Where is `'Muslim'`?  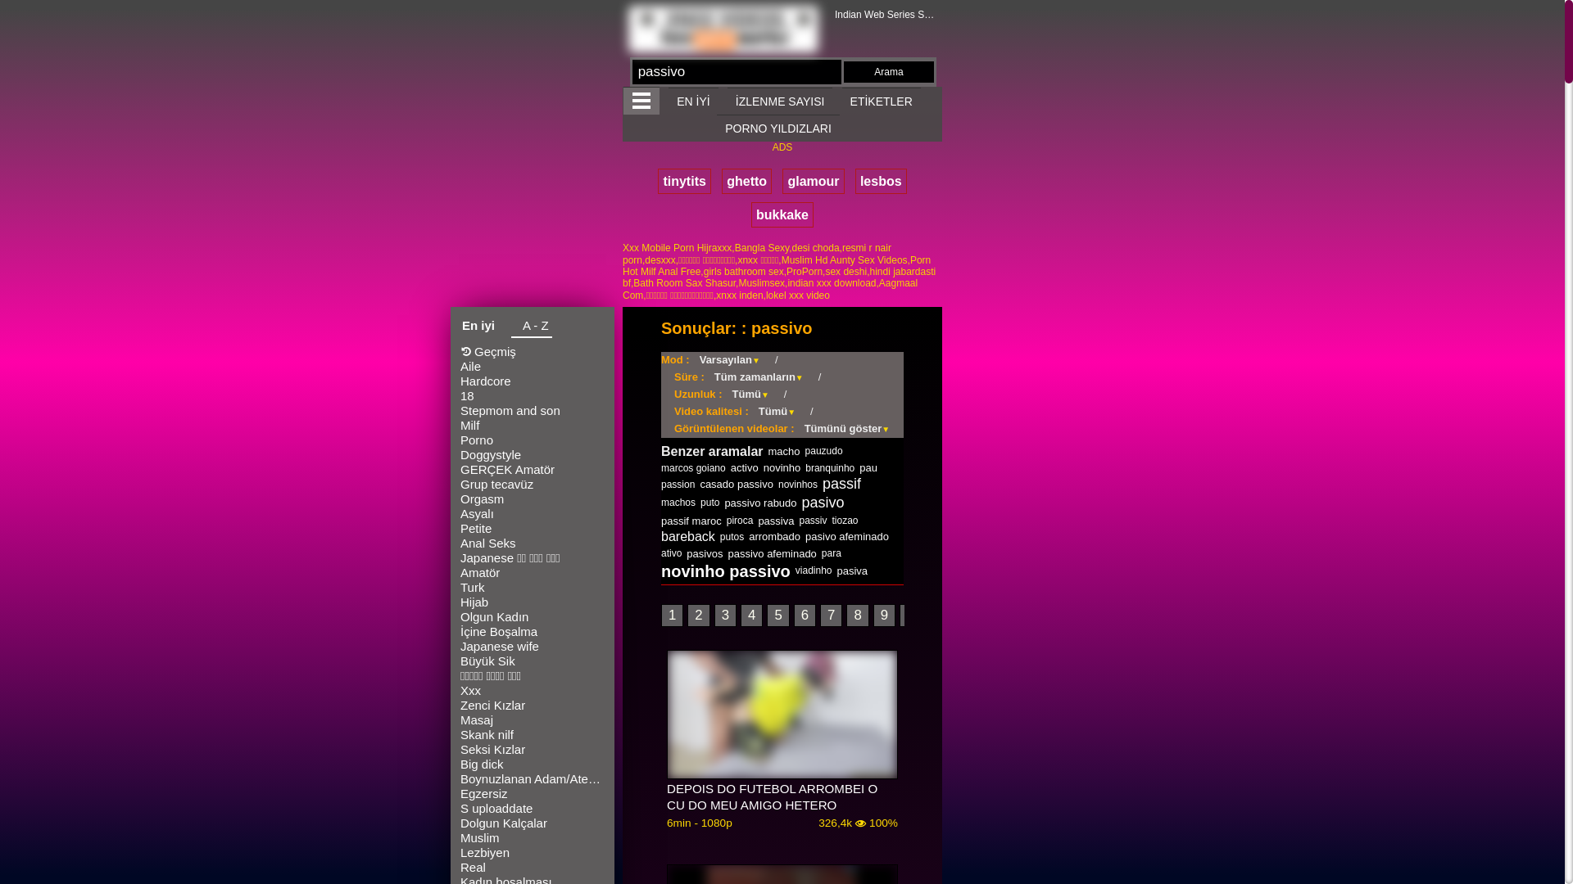 'Muslim' is located at coordinates (532, 837).